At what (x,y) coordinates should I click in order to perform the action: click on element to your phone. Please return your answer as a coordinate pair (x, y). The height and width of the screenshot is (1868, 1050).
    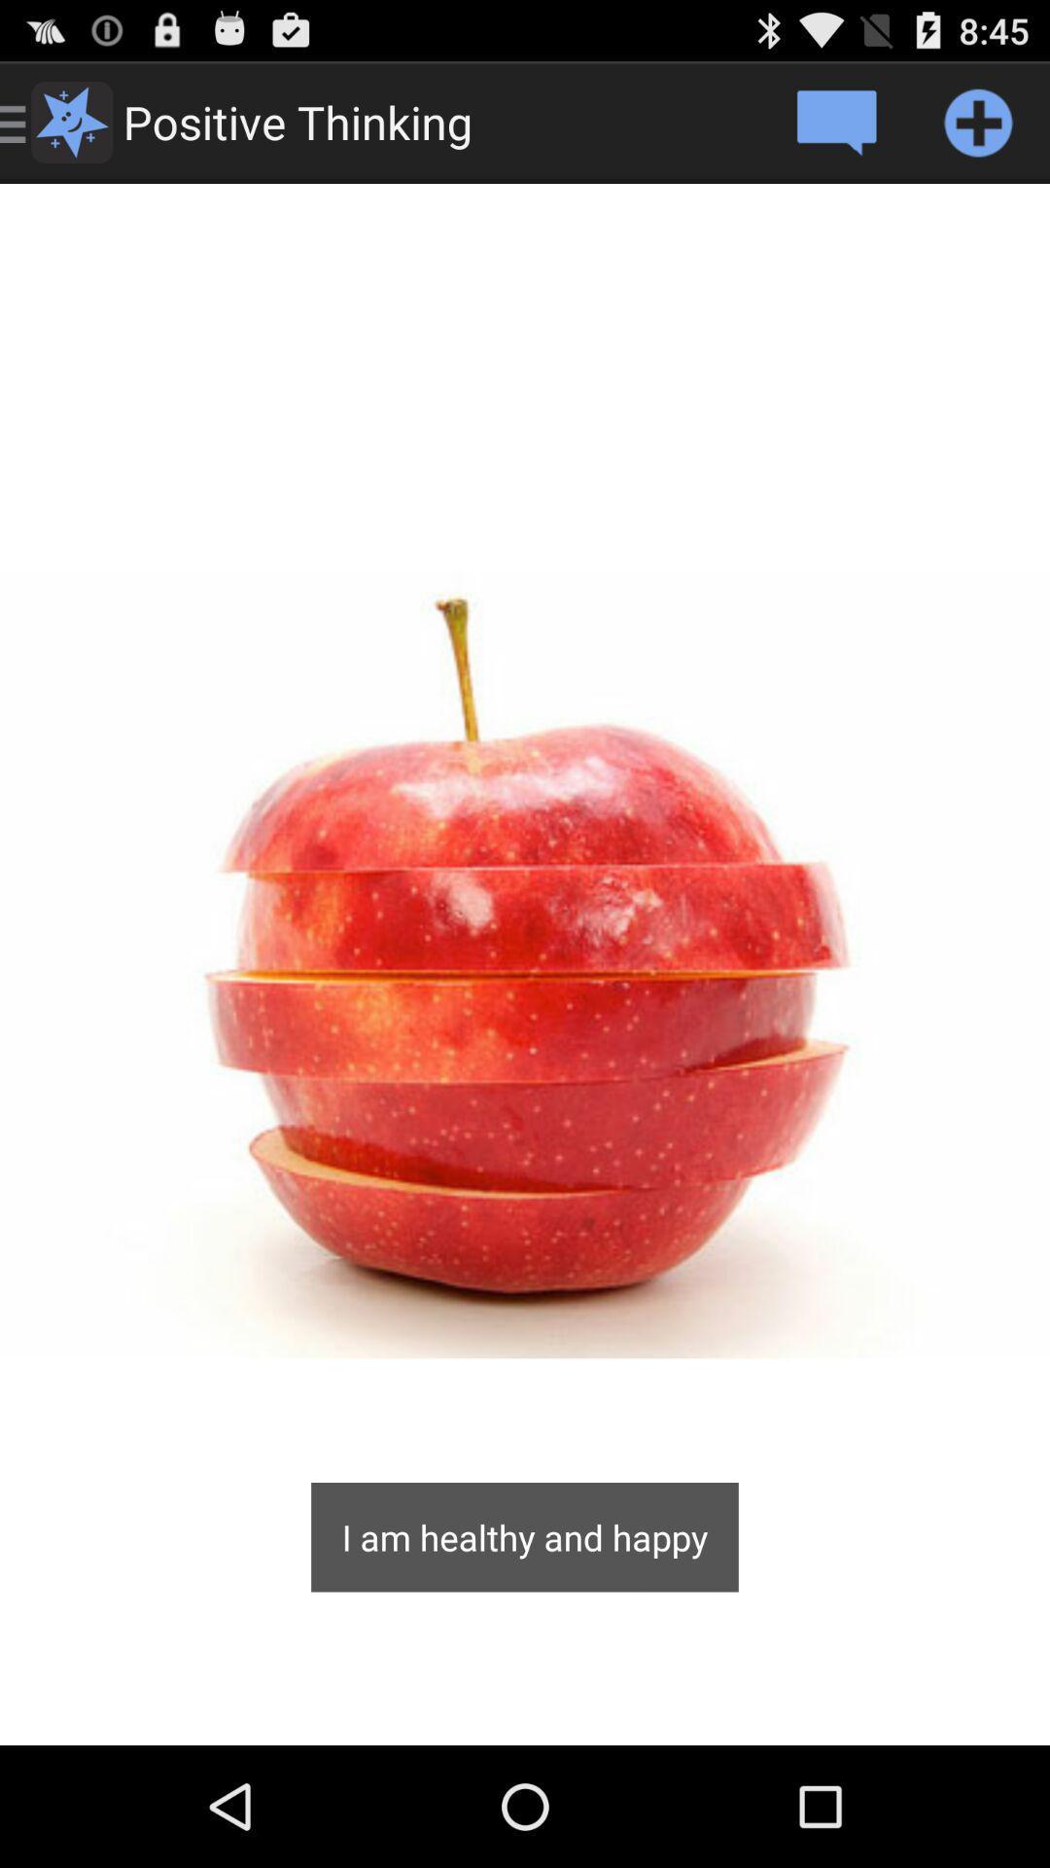
    Looking at the image, I should click on (978, 121).